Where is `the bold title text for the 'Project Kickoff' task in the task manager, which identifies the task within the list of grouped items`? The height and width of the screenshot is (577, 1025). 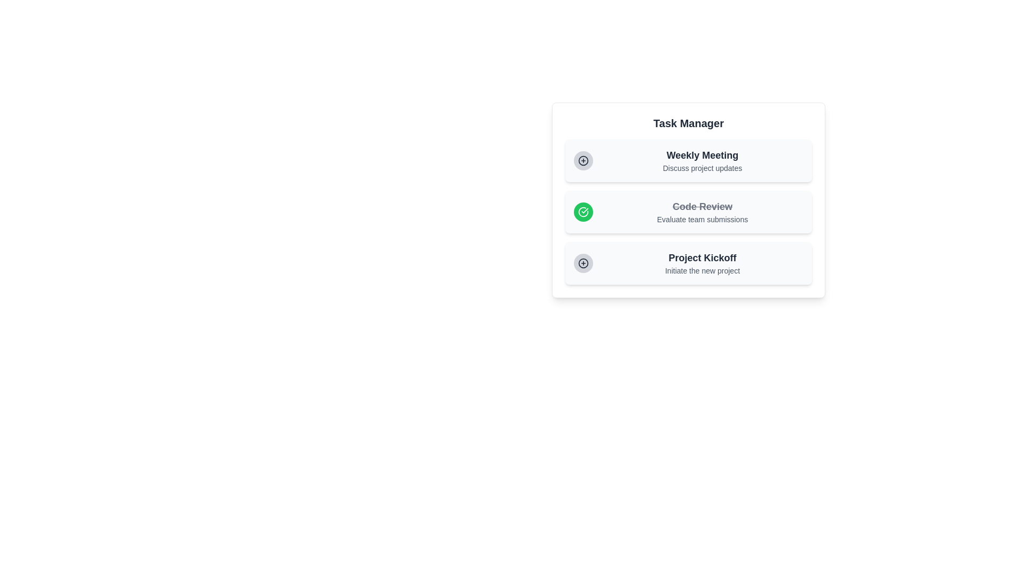 the bold title text for the 'Project Kickoff' task in the task manager, which identifies the task within the list of grouped items is located at coordinates (702, 258).